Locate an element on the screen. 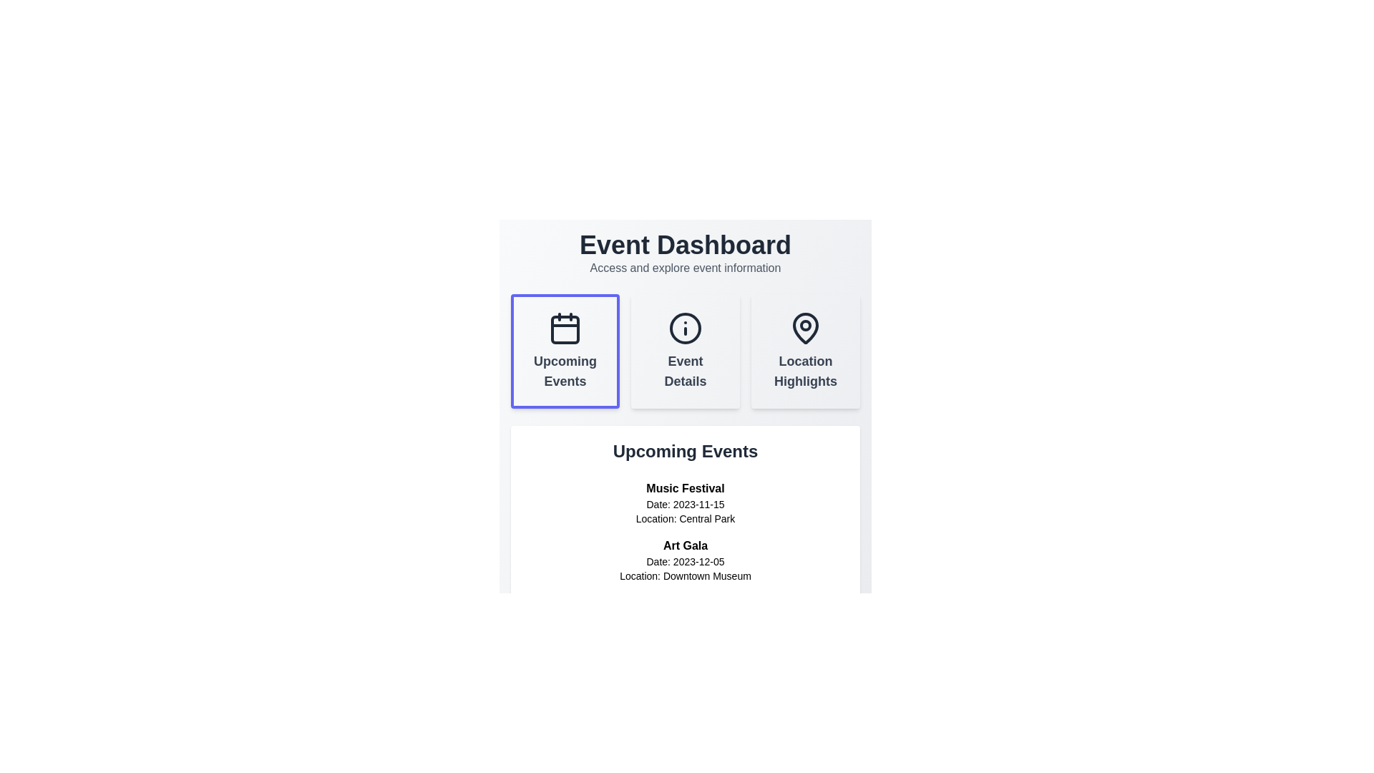 The image size is (1374, 773). the calendar icon located in the top-left quadrant of the application, above the 'Upcoming Events' text is located at coordinates (565, 329).